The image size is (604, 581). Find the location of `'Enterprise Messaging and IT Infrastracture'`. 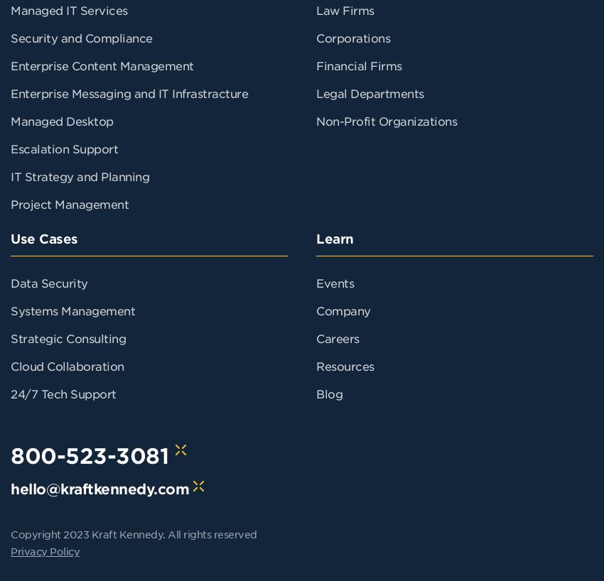

'Enterprise Messaging and IT Infrastracture' is located at coordinates (128, 92).